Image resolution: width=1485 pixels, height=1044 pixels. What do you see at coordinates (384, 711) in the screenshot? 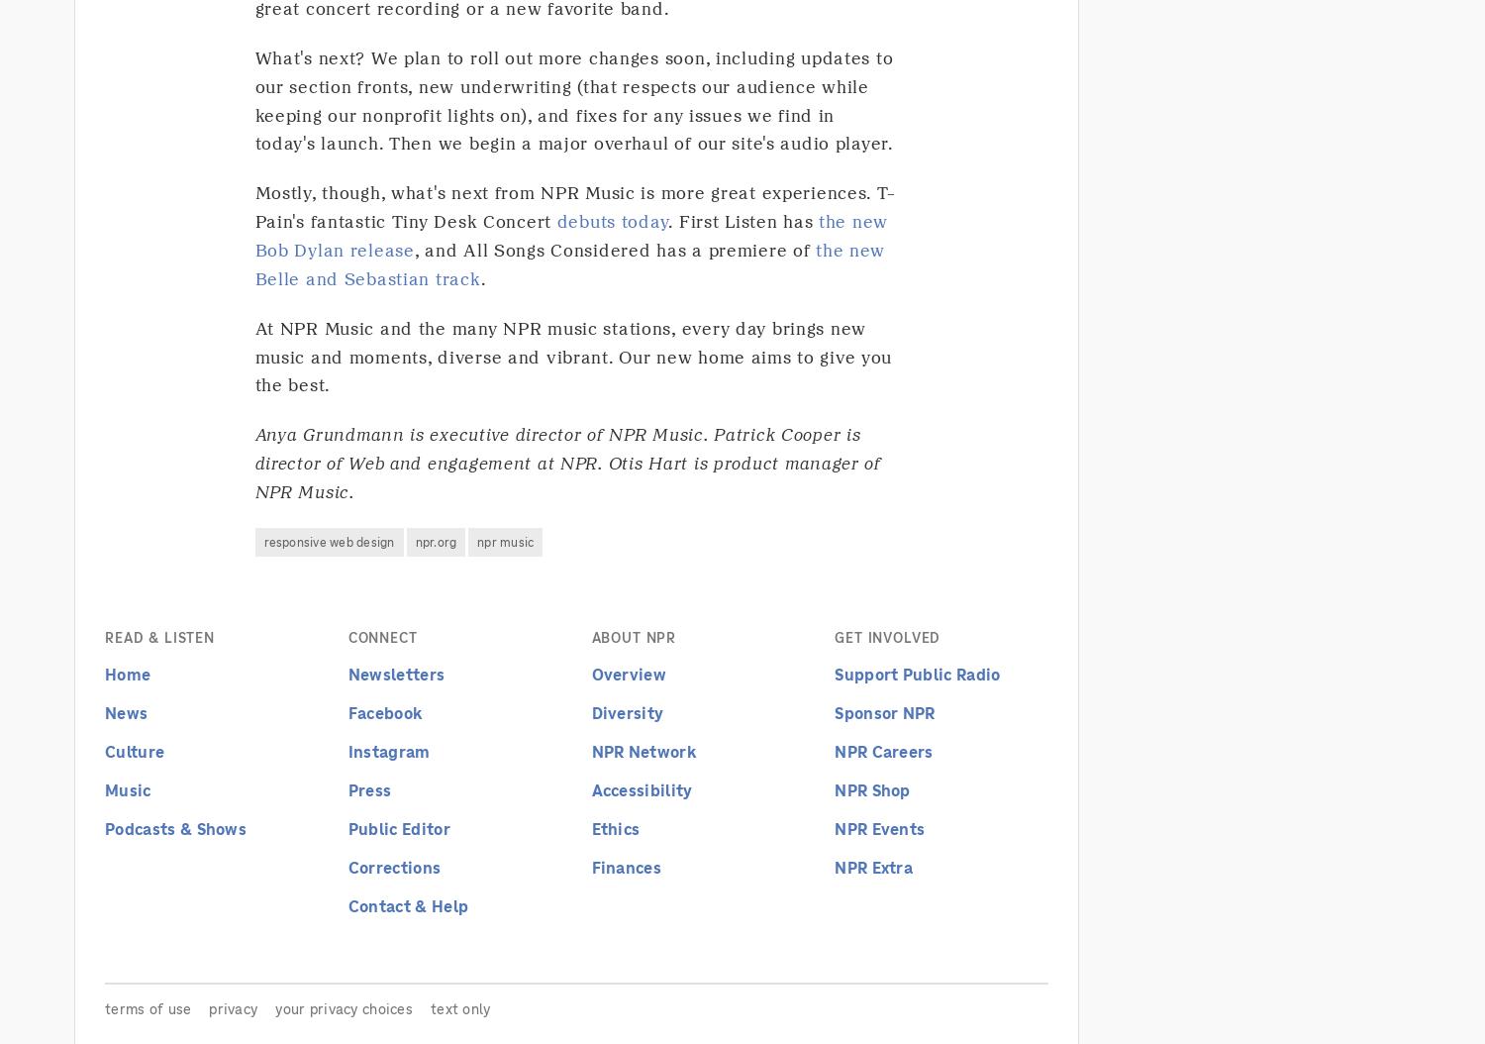
I see `'Facebook'` at bounding box center [384, 711].